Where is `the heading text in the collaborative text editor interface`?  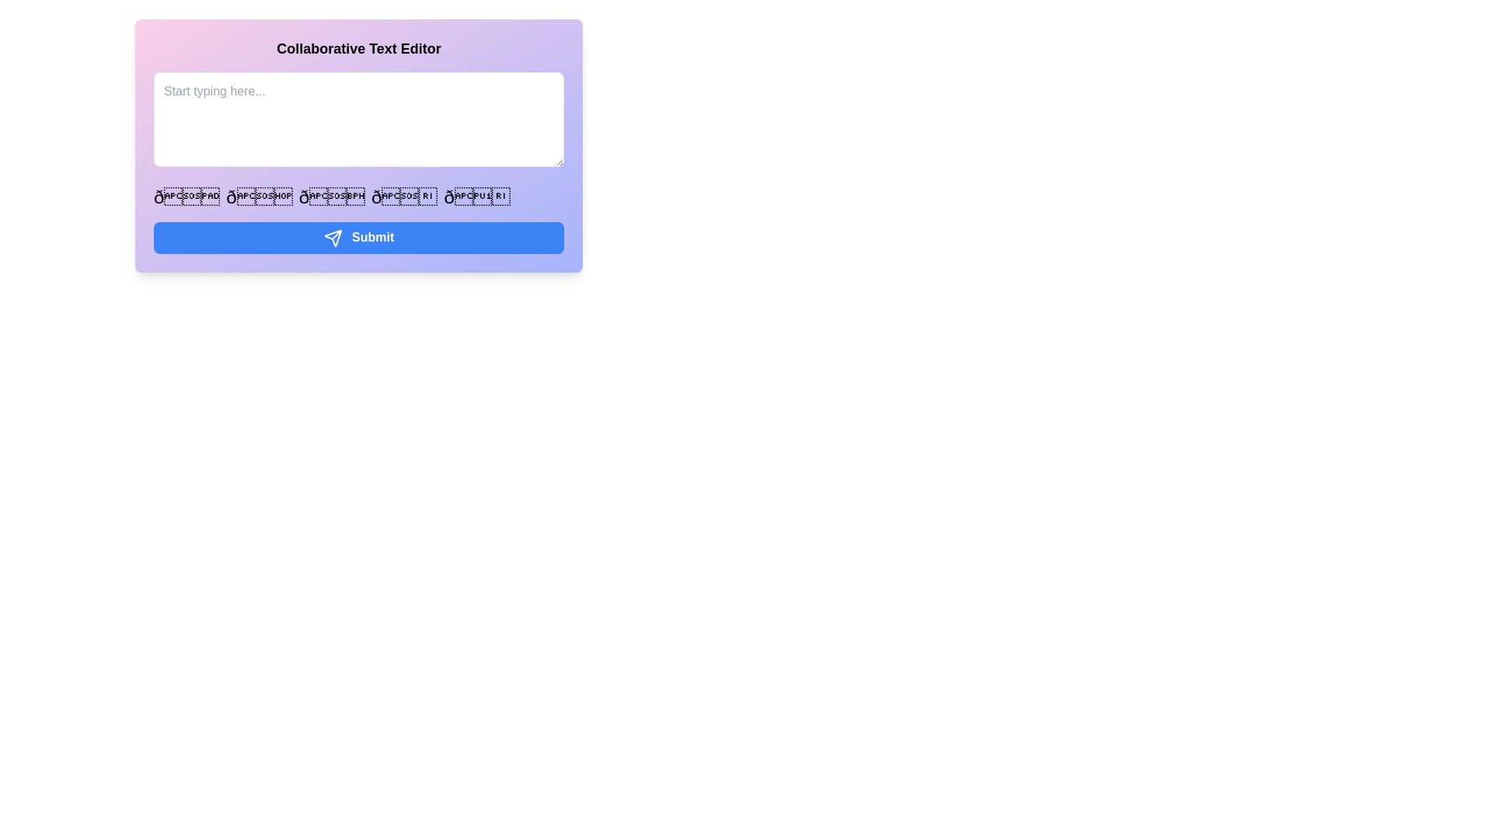
the heading text in the collaborative text editor interface is located at coordinates (357, 47).